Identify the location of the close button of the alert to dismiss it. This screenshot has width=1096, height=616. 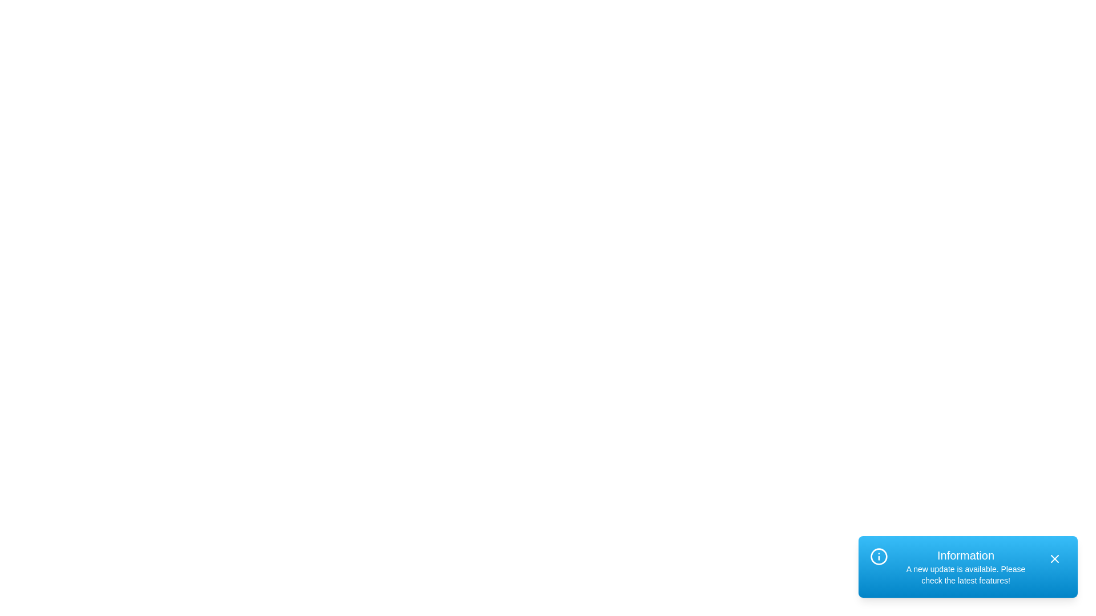
(1054, 558).